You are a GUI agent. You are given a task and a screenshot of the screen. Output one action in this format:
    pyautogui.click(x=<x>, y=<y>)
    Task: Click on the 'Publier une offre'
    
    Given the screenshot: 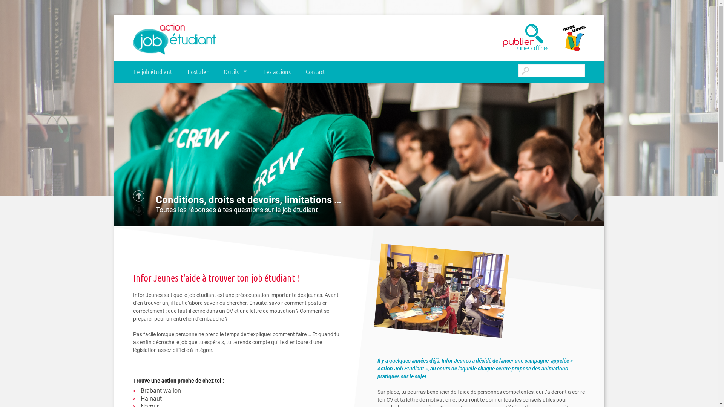 What is the action you would take?
    pyautogui.click(x=506, y=38)
    